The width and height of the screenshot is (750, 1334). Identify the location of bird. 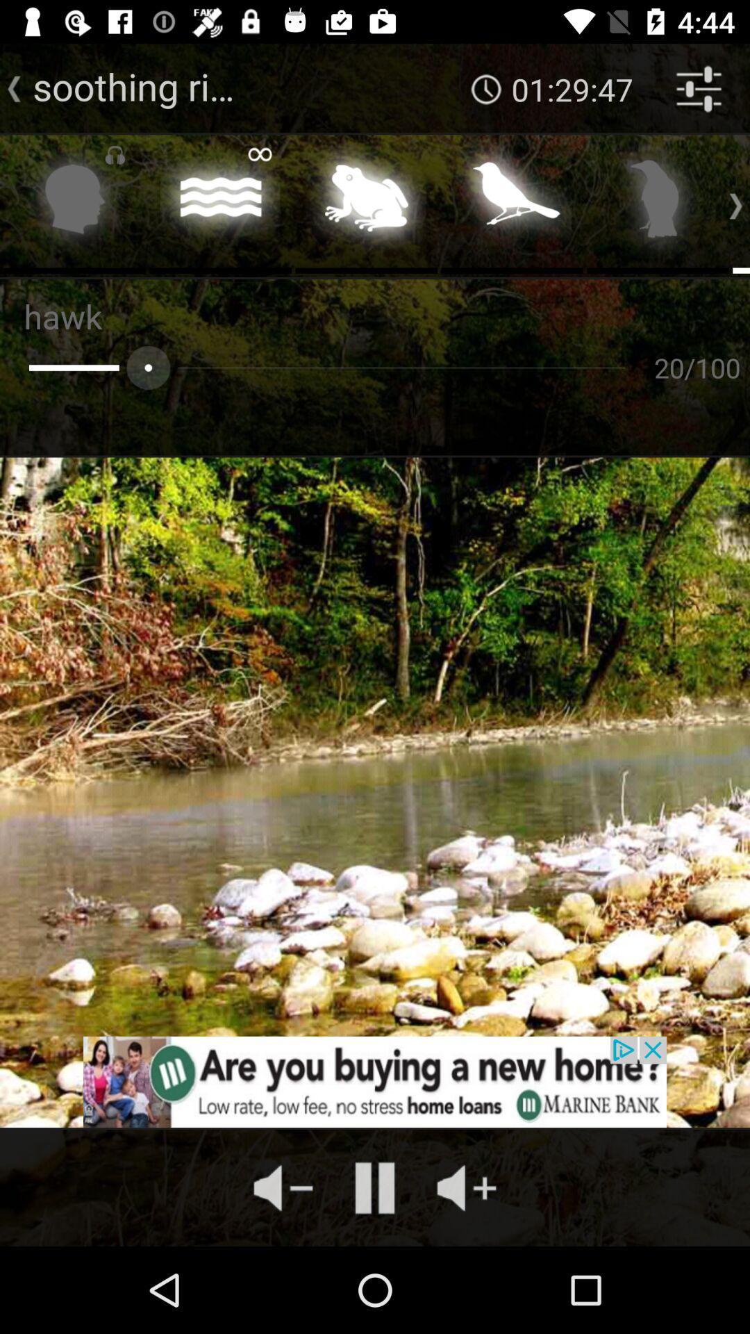
(657, 202).